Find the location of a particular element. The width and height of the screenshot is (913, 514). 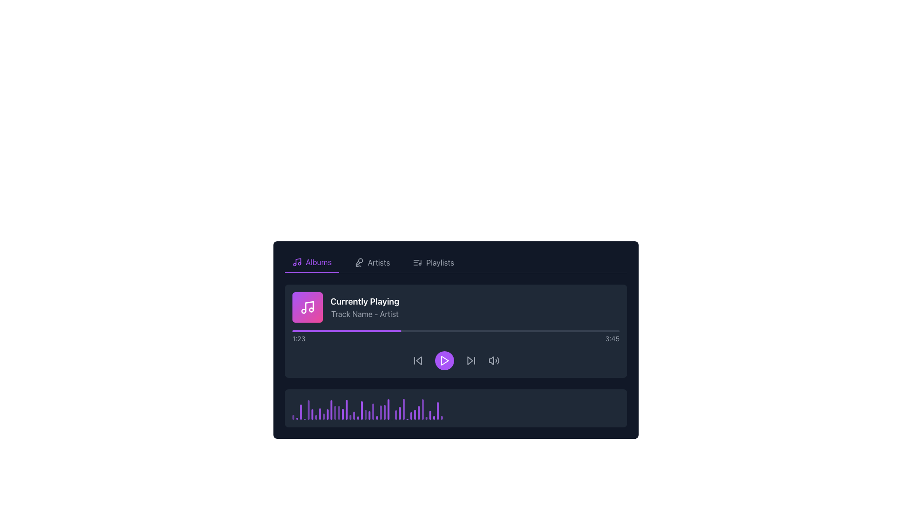

the progress bar of the interactive media player component to adjust the play position, which is centrally located in the interface, above the visualizer and below the tab navigation menu is located at coordinates (456, 330).